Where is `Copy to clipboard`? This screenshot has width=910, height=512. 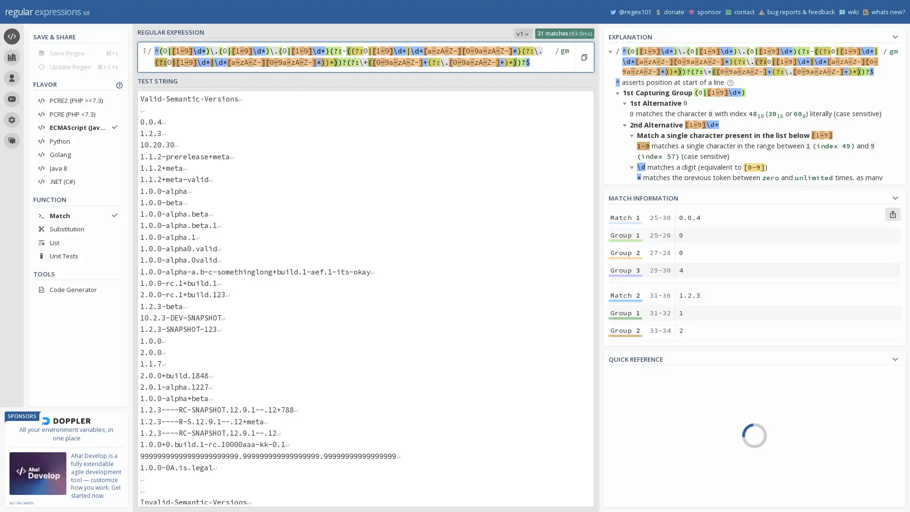 Copy to clipboard is located at coordinates (583, 57).